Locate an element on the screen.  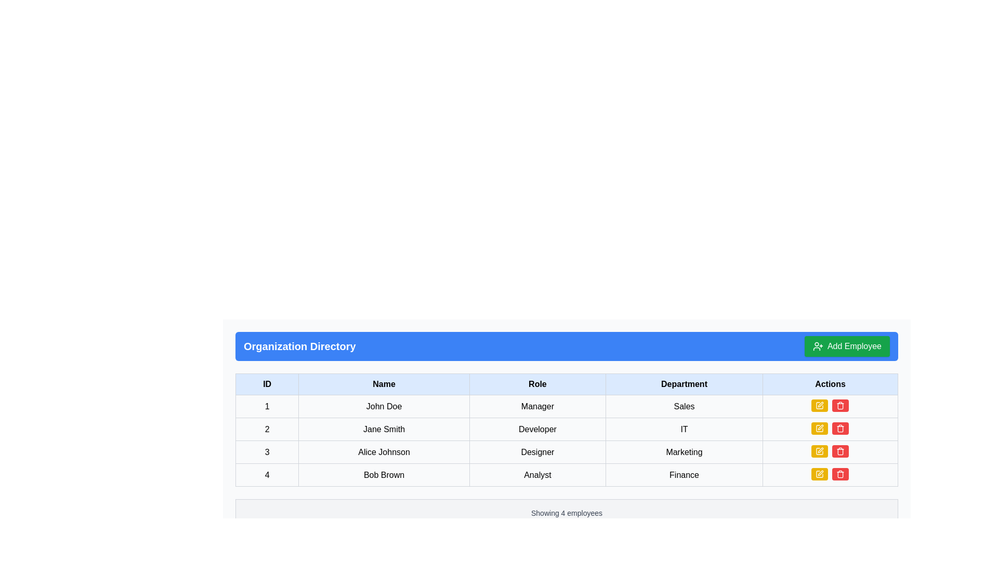
the small green person icon with a plus sign located inside the 'Add Employee' button on the right corner of the 'Organization Directory' header bar is located at coordinates (818, 346).